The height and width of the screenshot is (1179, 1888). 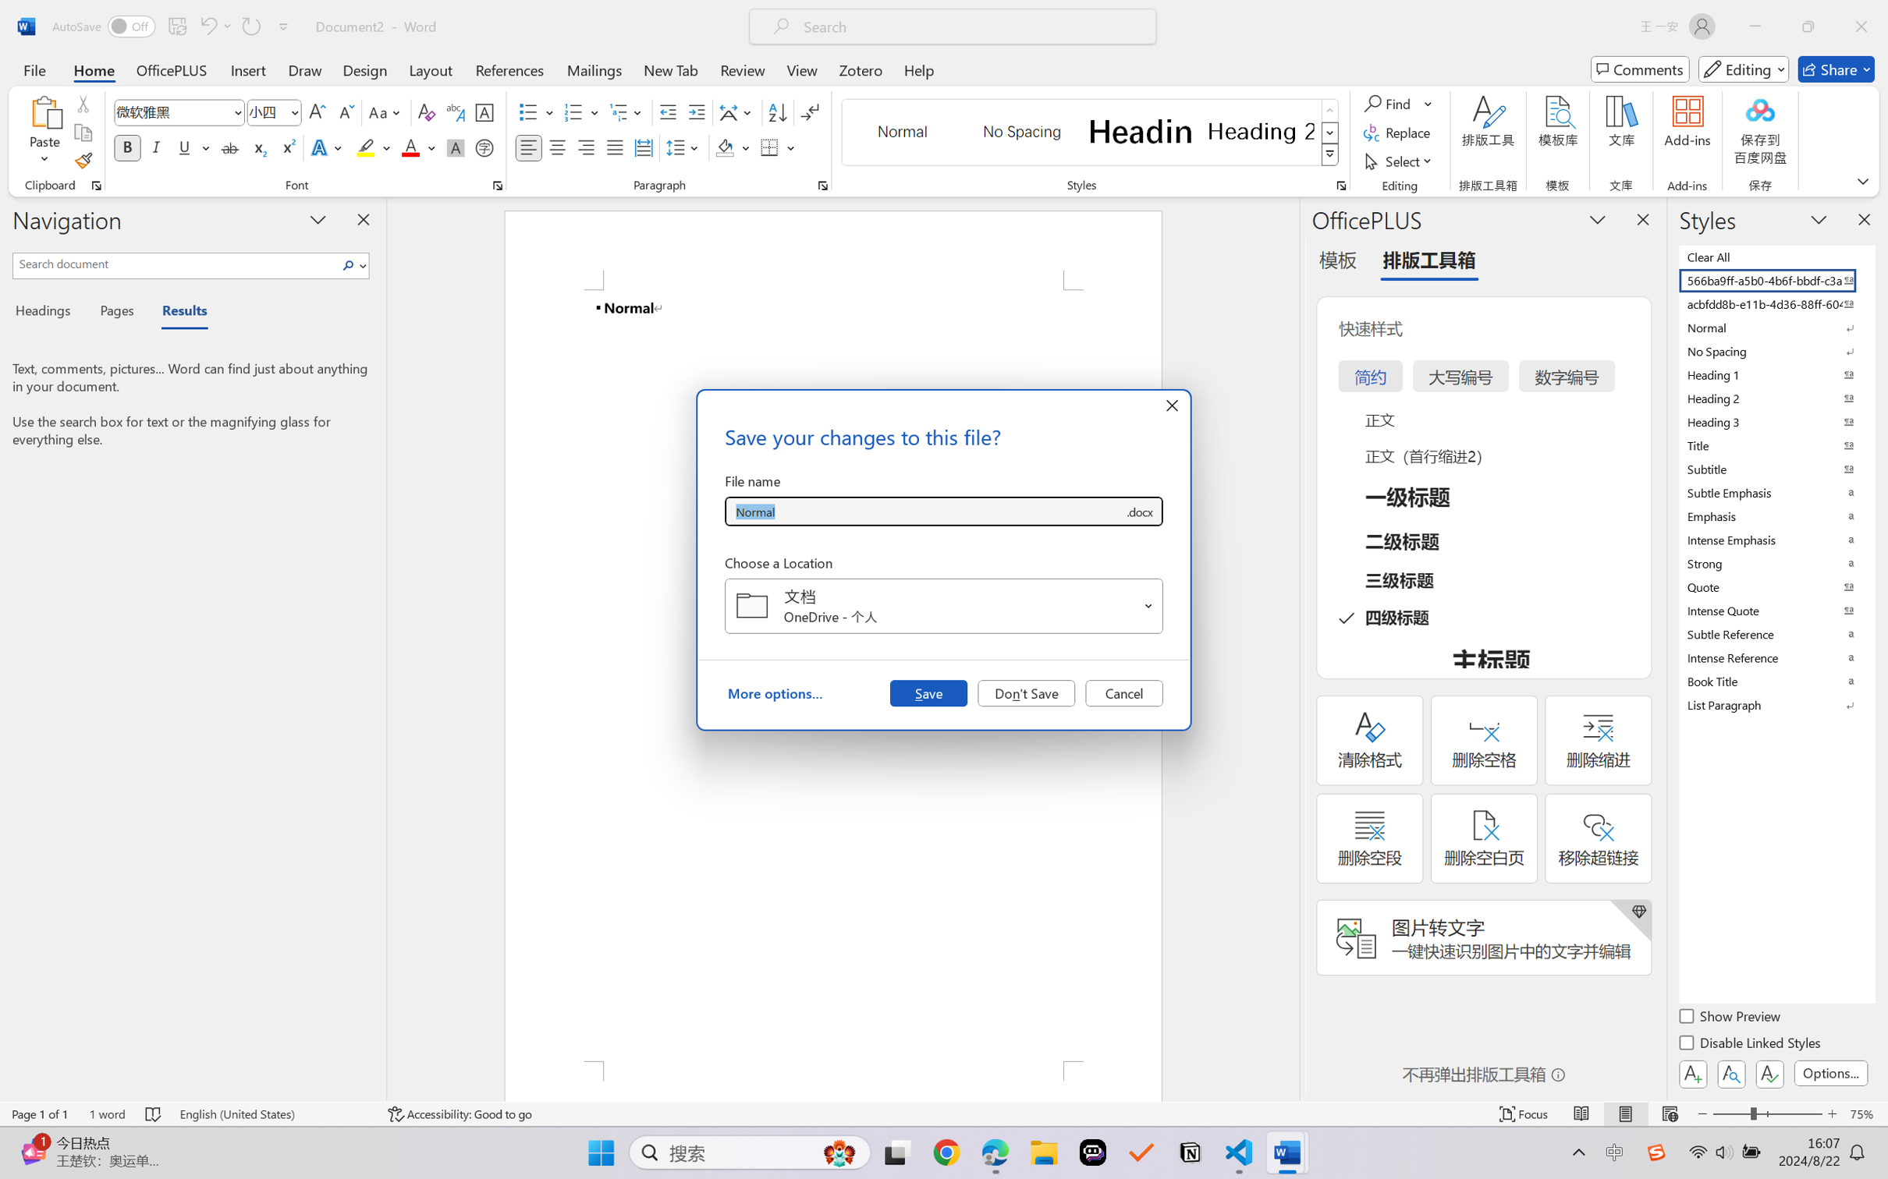 I want to click on 'Align Right', so click(x=587, y=147).